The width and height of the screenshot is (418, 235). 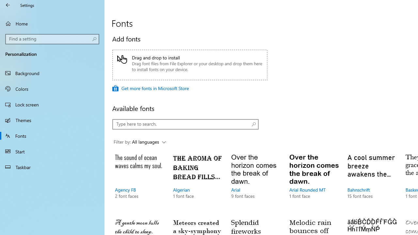 I want to click on 'Agency FB, 2 font faces', so click(x=139, y=183).